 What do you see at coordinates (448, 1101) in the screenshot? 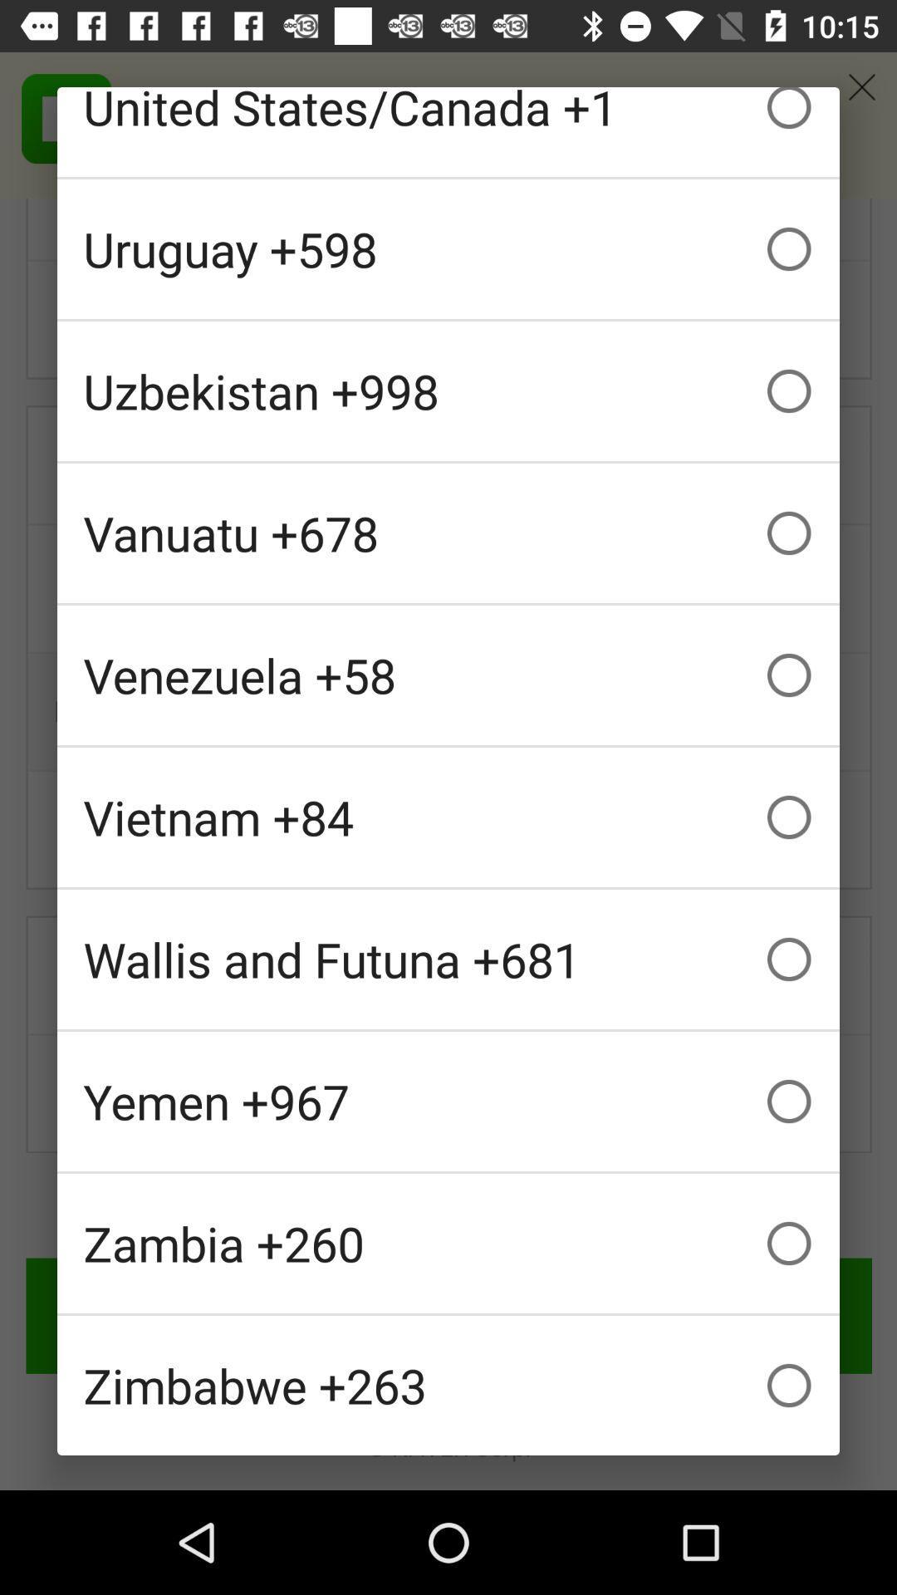
I see `the yemen +967 checkbox` at bounding box center [448, 1101].